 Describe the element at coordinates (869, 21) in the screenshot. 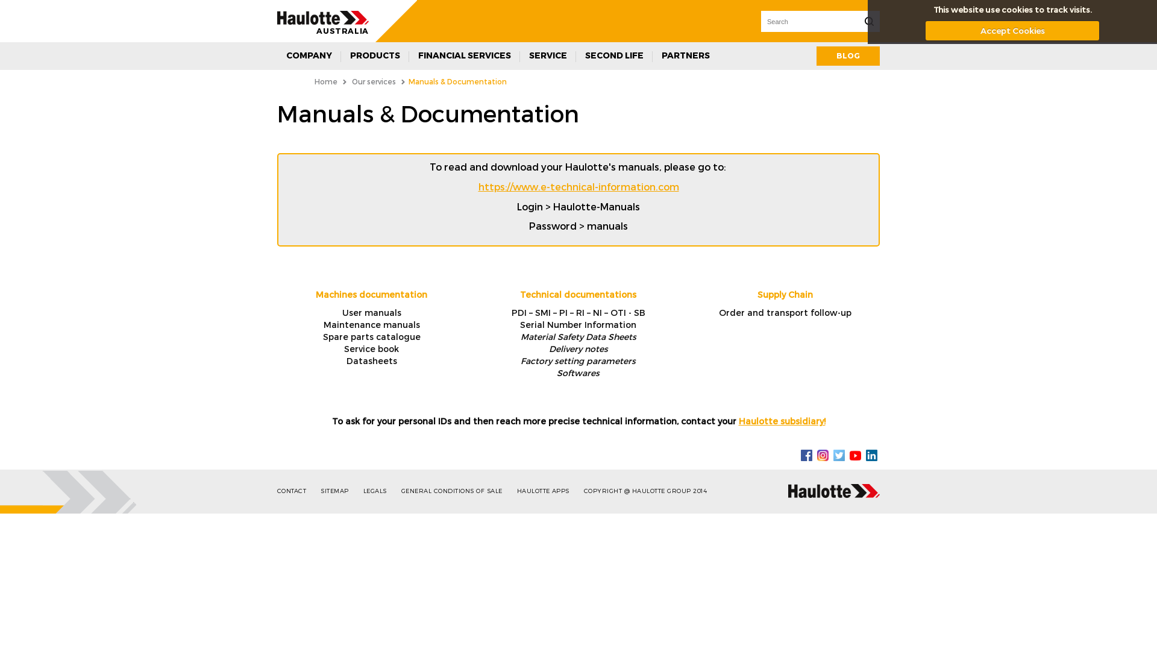

I see `'Search'` at that location.